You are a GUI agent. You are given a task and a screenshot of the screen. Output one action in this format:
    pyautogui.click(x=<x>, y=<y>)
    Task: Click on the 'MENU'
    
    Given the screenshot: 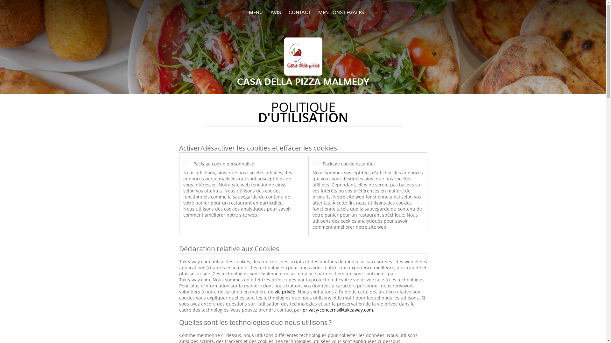 What is the action you would take?
    pyautogui.click(x=256, y=12)
    